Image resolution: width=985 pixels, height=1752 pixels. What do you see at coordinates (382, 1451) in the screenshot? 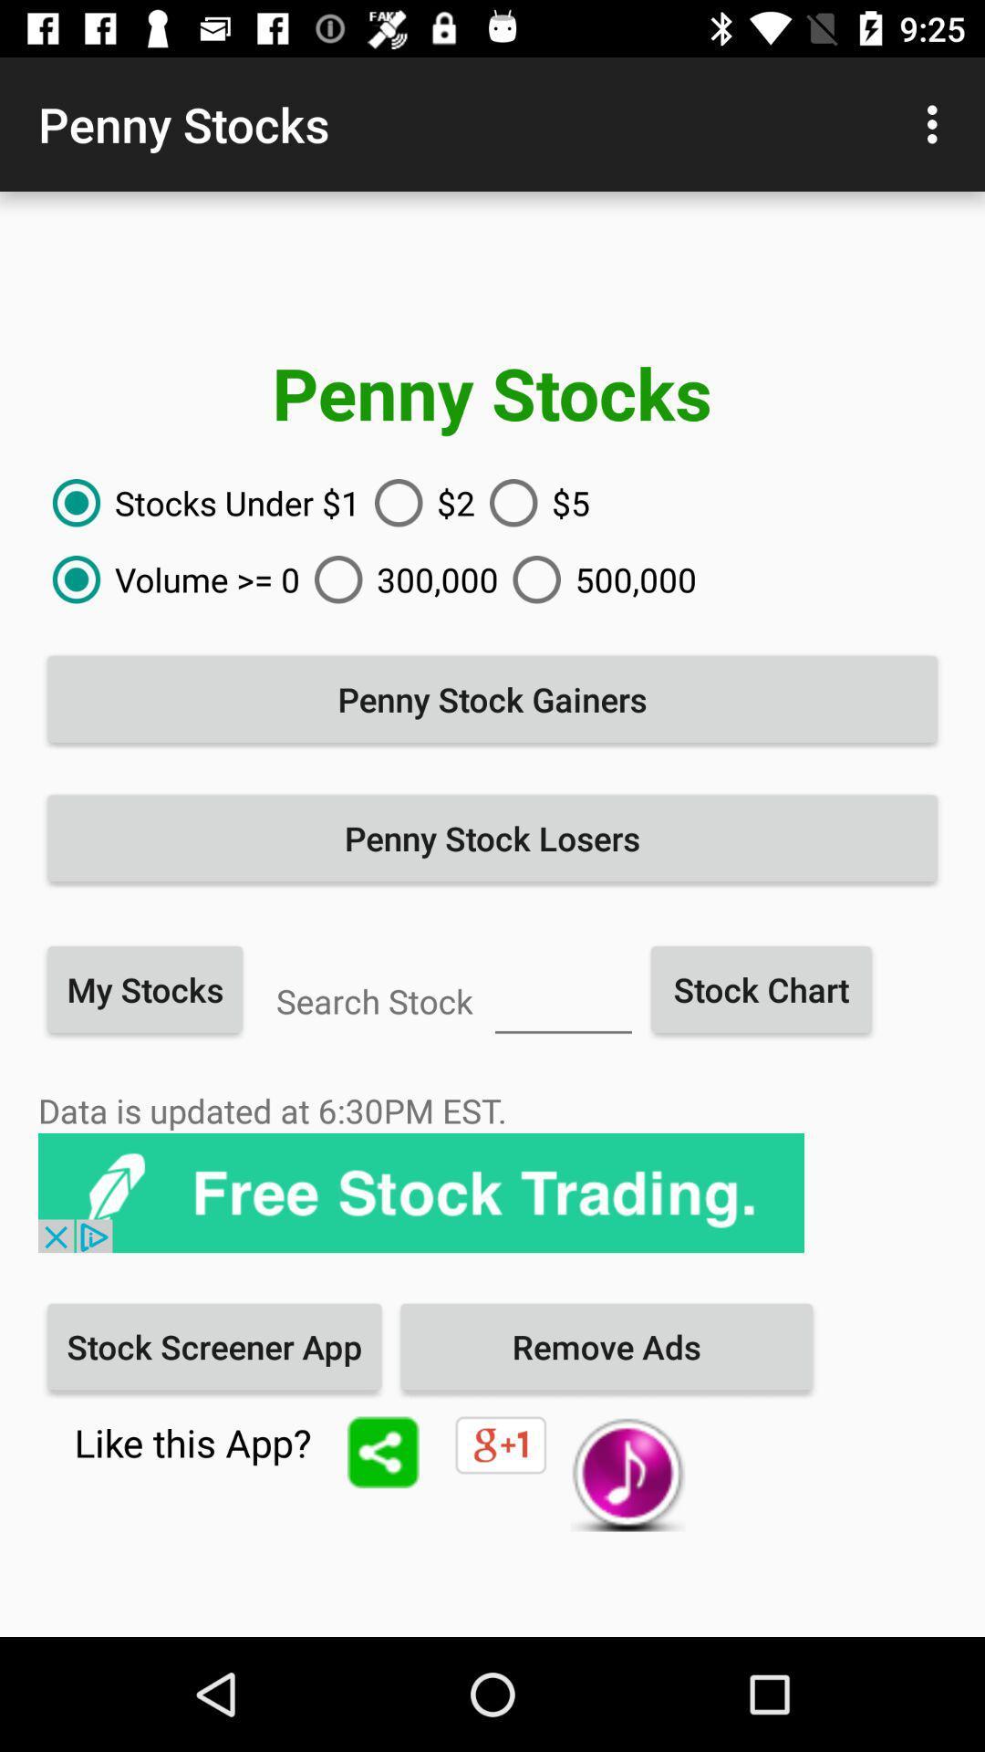
I see `the item to the right of like this app? item` at bounding box center [382, 1451].